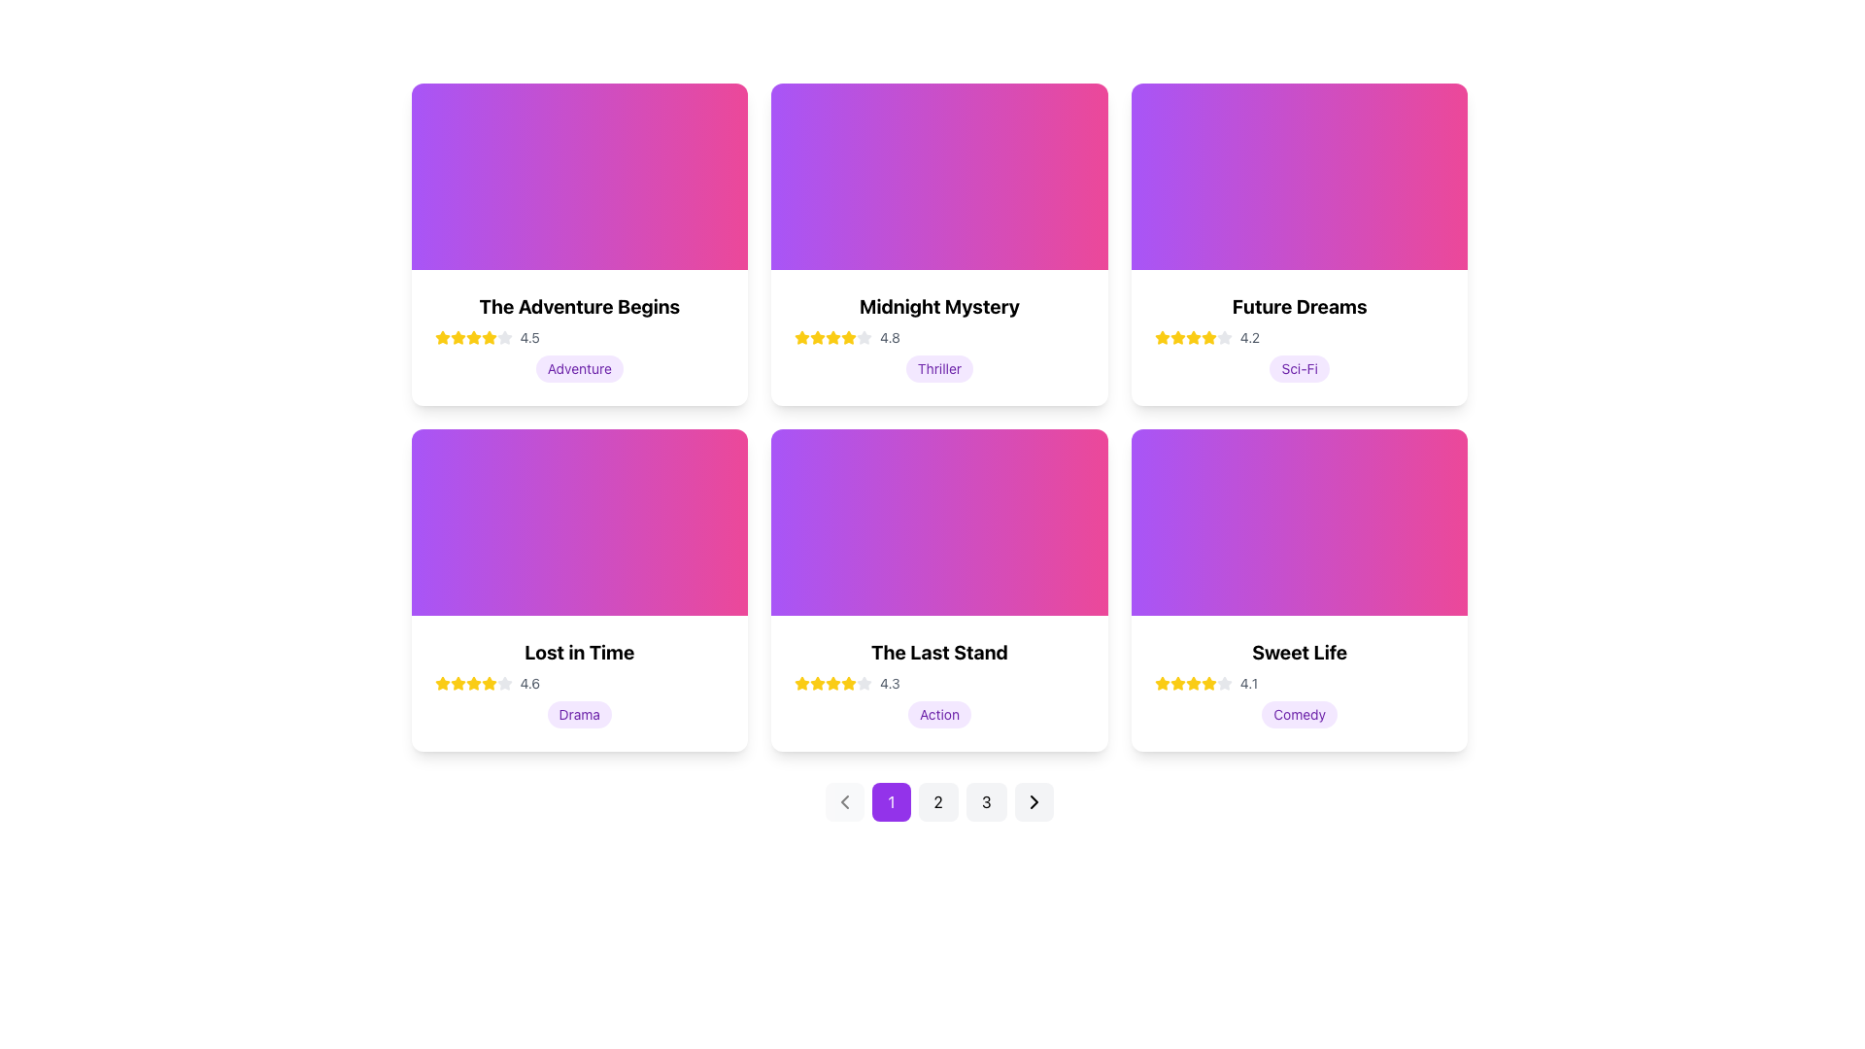 This screenshot has width=1865, height=1049. What do you see at coordinates (849, 336) in the screenshot?
I see `the second star in the rating row below the 'Midnight Mystery' card to focus on it` at bounding box center [849, 336].